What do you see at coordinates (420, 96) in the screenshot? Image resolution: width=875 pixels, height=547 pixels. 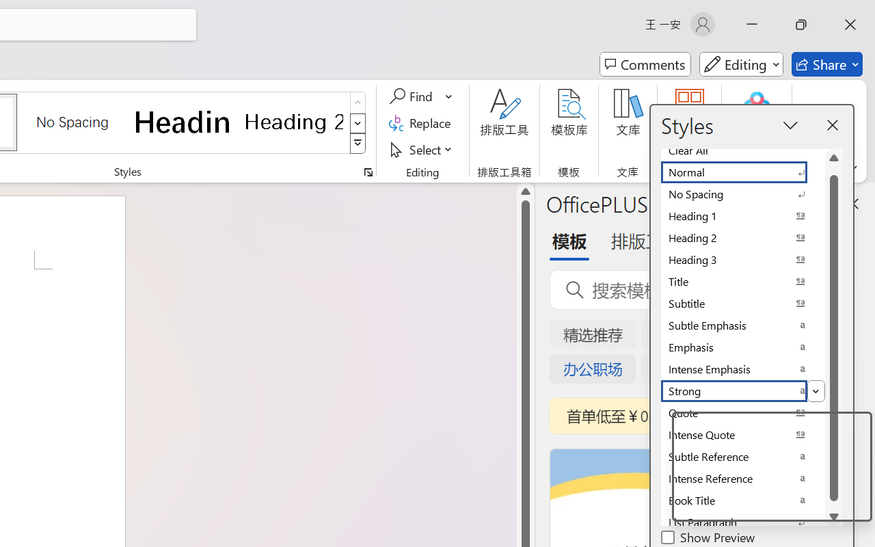 I see `'Find'` at bounding box center [420, 96].